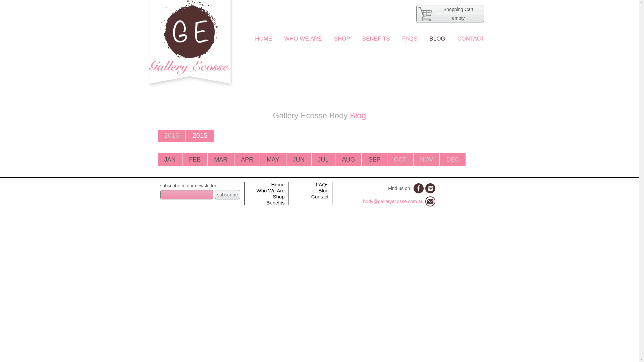 This screenshot has width=644, height=362. What do you see at coordinates (322, 184) in the screenshot?
I see `'FAQs'` at bounding box center [322, 184].